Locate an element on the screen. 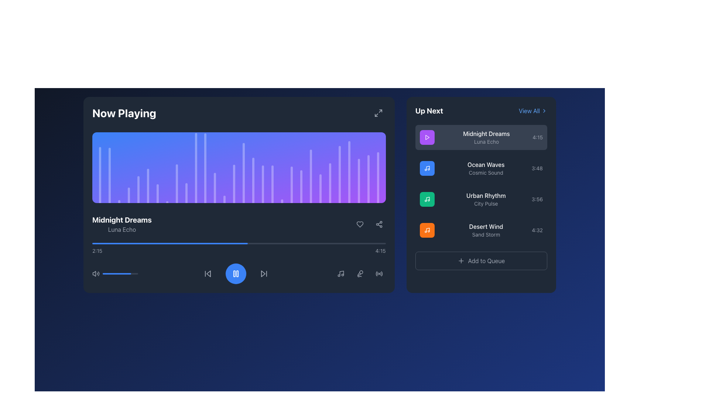 This screenshot has height=398, width=709. the twenty-third graphical bar representing a data point in the bar graph visualization for potential interaction is located at coordinates (339, 174).